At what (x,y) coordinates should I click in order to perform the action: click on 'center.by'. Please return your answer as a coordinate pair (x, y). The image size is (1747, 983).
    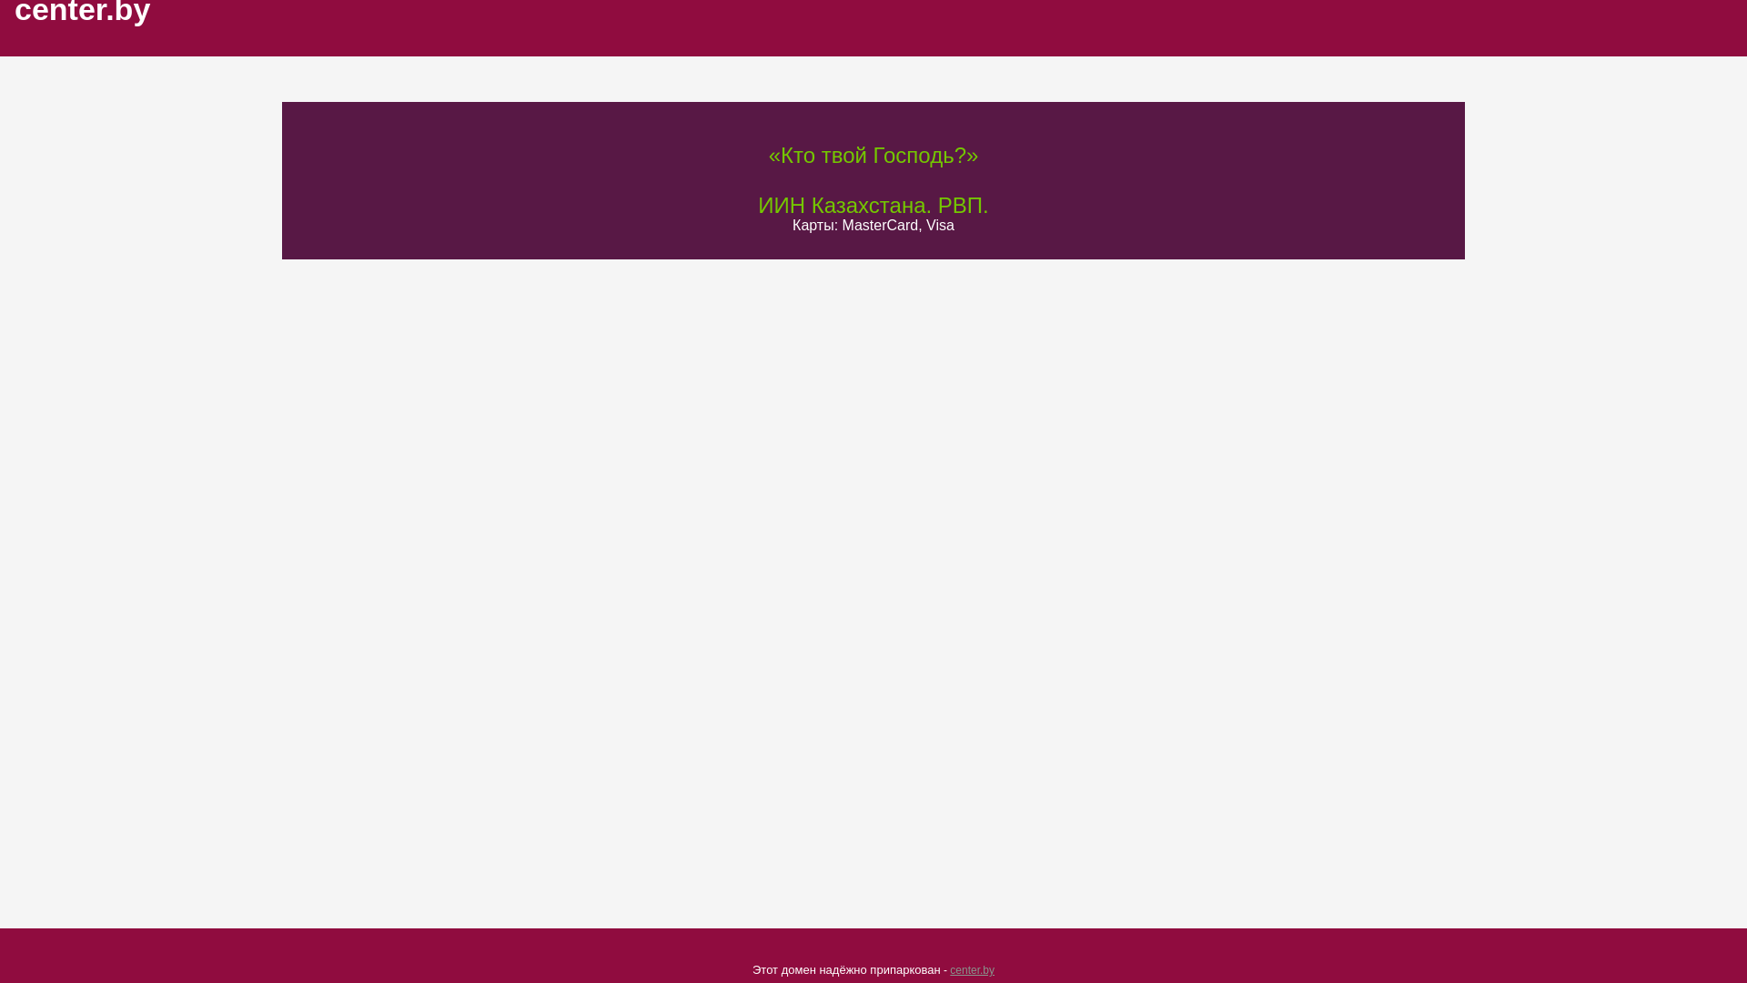
    Looking at the image, I should click on (971, 968).